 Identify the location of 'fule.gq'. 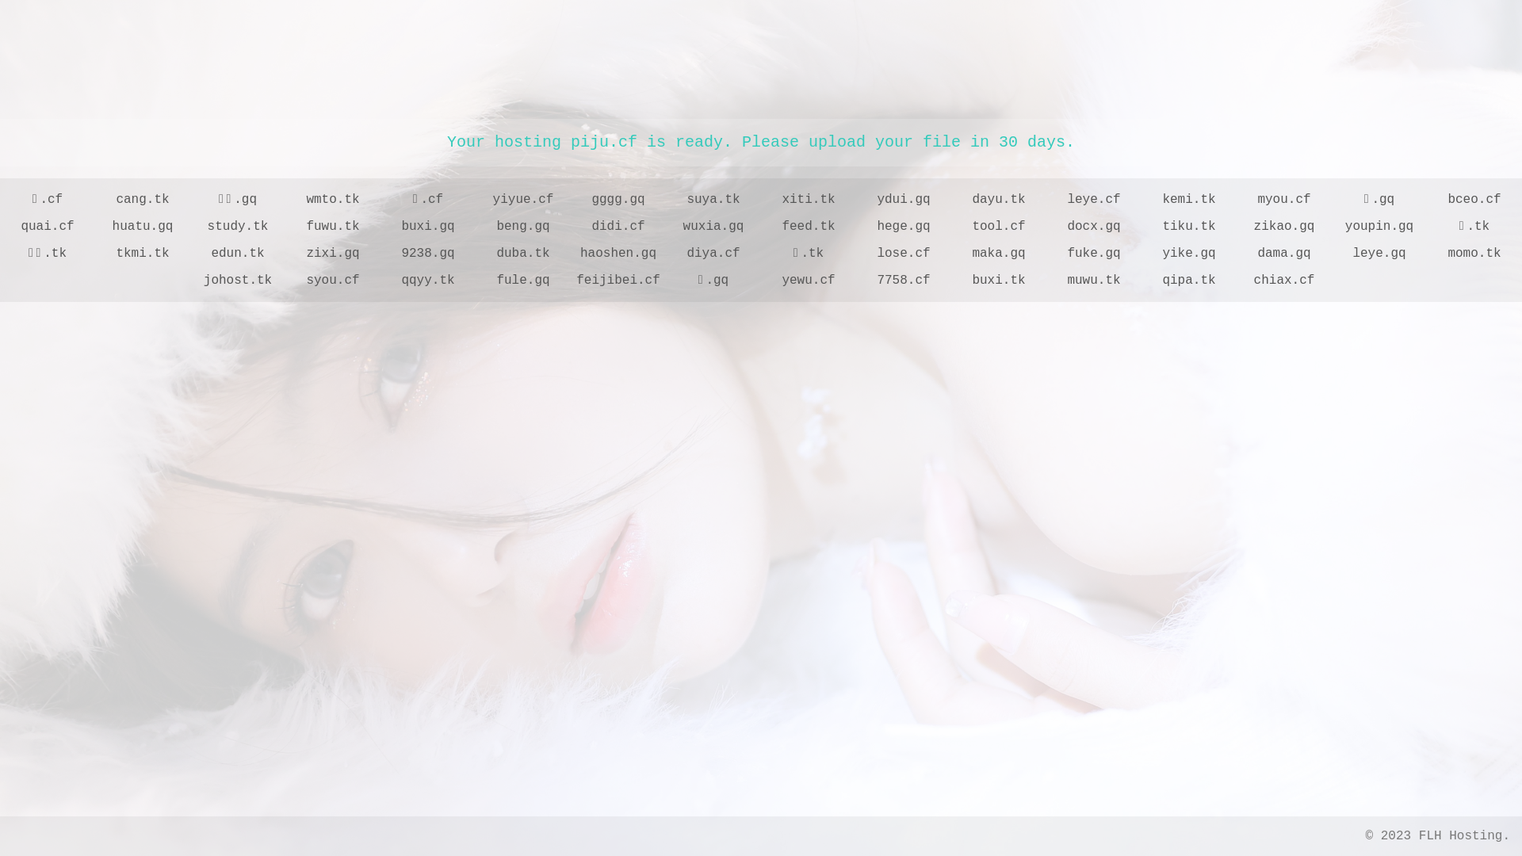
(475, 280).